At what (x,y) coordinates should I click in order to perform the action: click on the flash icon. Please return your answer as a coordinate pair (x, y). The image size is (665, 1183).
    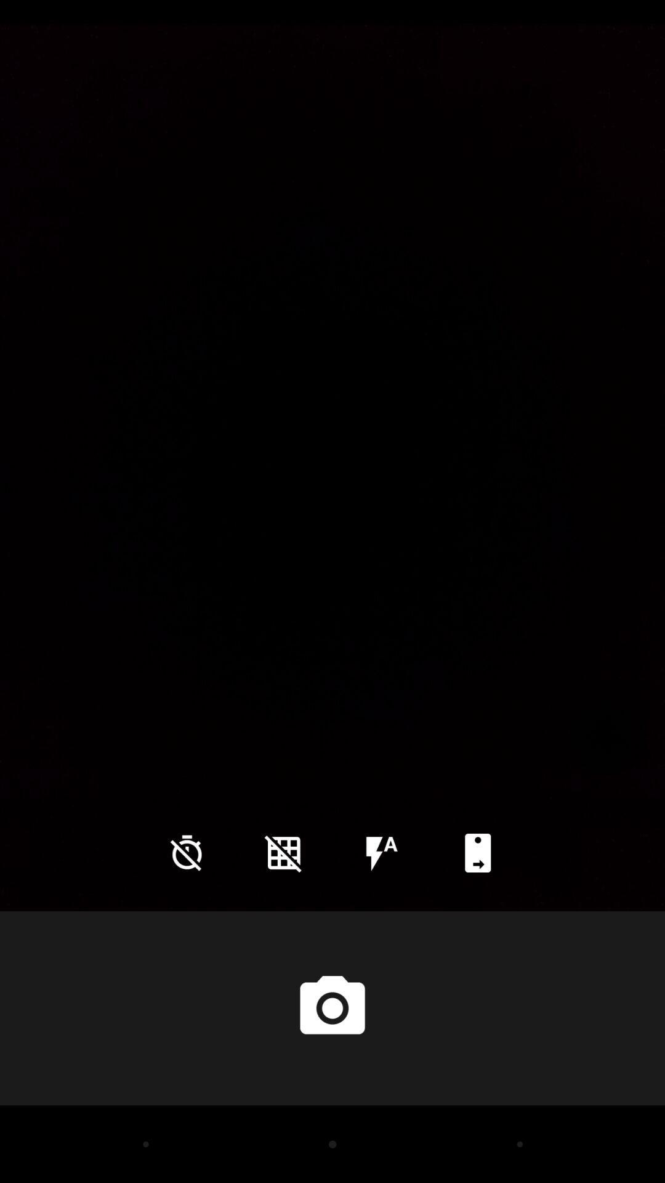
    Looking at the image, I should click on (380, 852).